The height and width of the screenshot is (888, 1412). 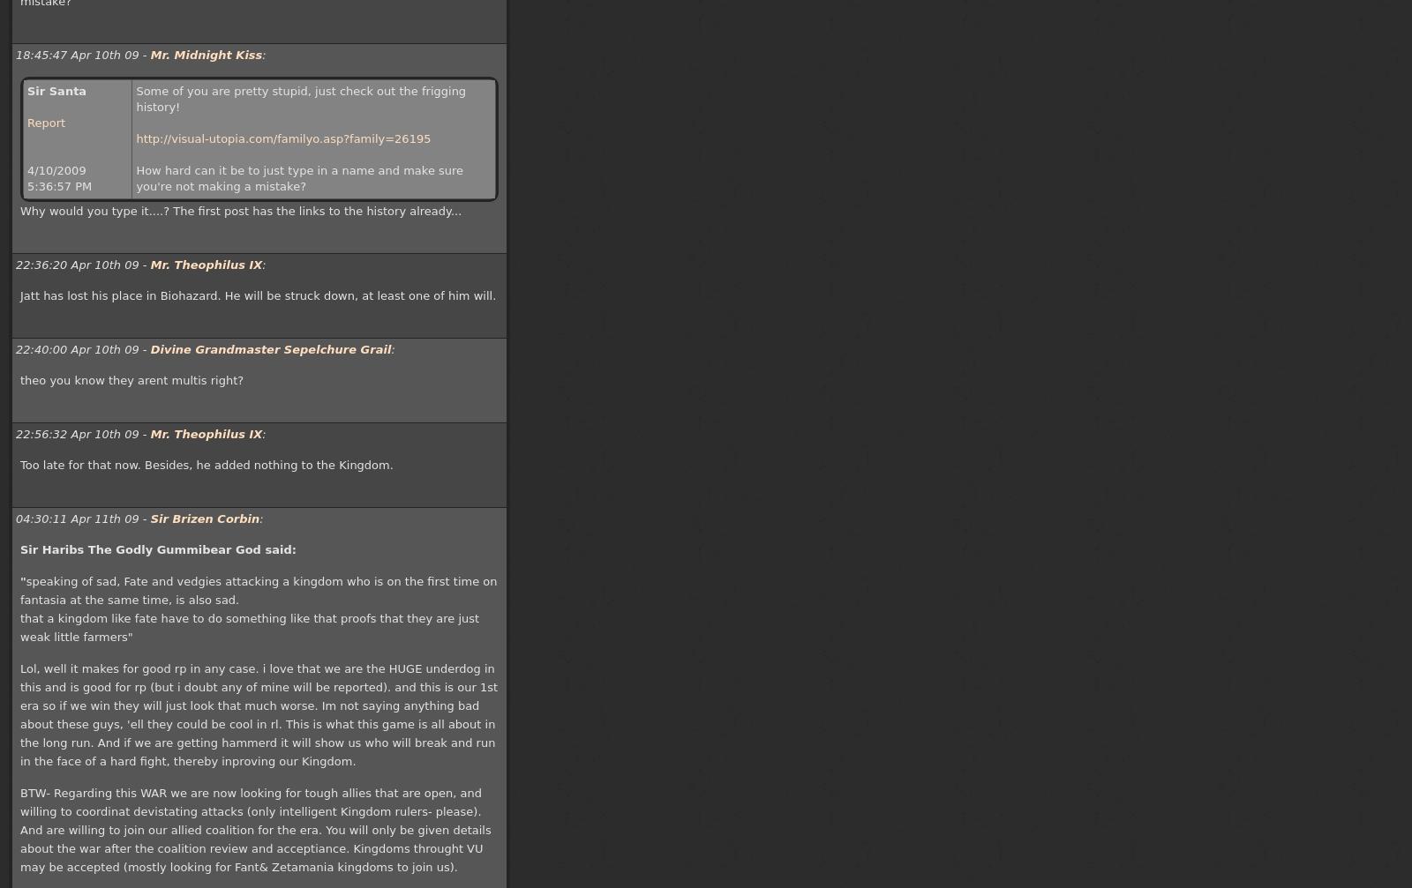 I want to click on 'Report', so click(x=45, y=123).